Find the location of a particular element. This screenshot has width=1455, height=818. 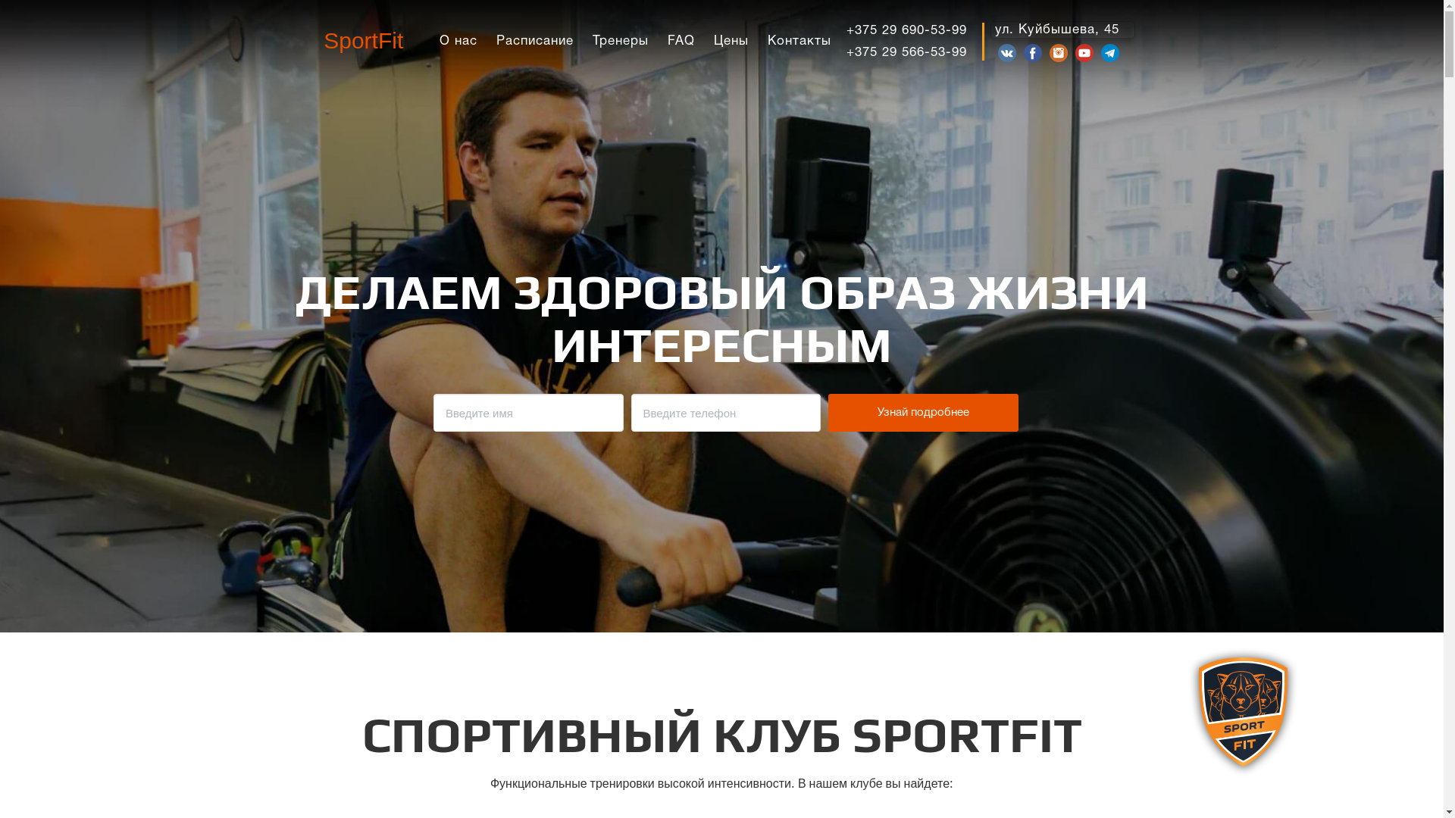

'SportFit' is located at coordinates (362, 40).